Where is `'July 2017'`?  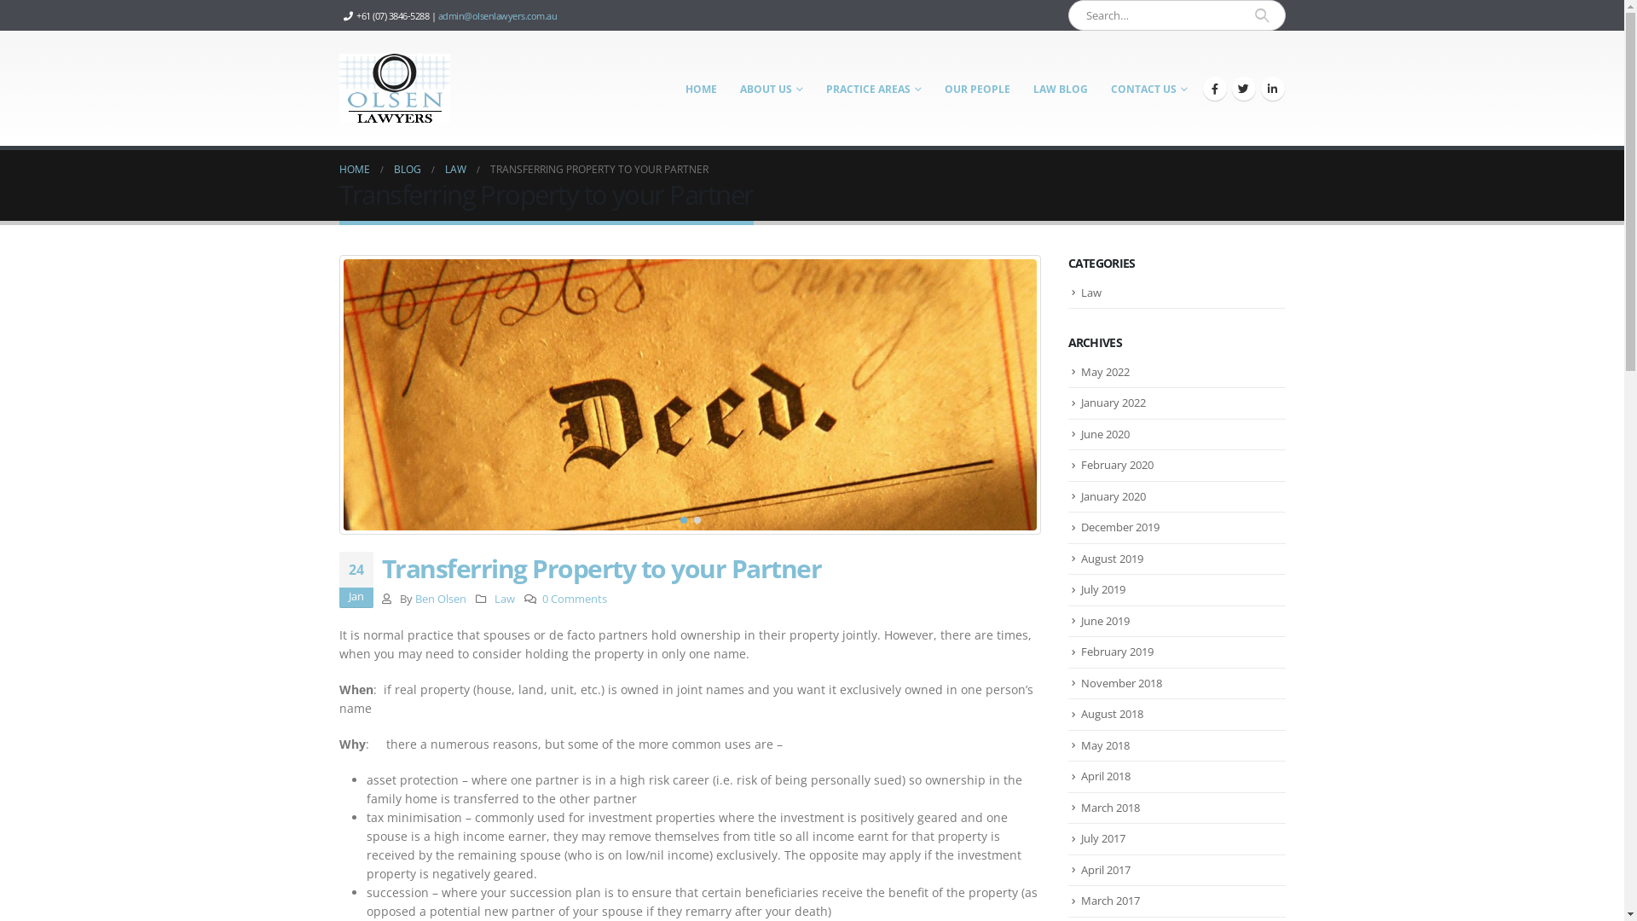
'July 2017' is located at coordinates (1103, 837).